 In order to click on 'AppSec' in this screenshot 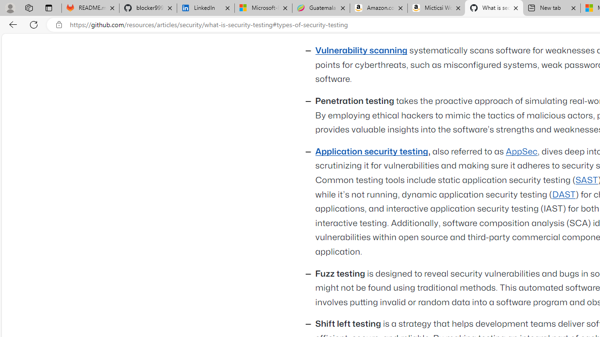, I will do `click(521, 151)`.